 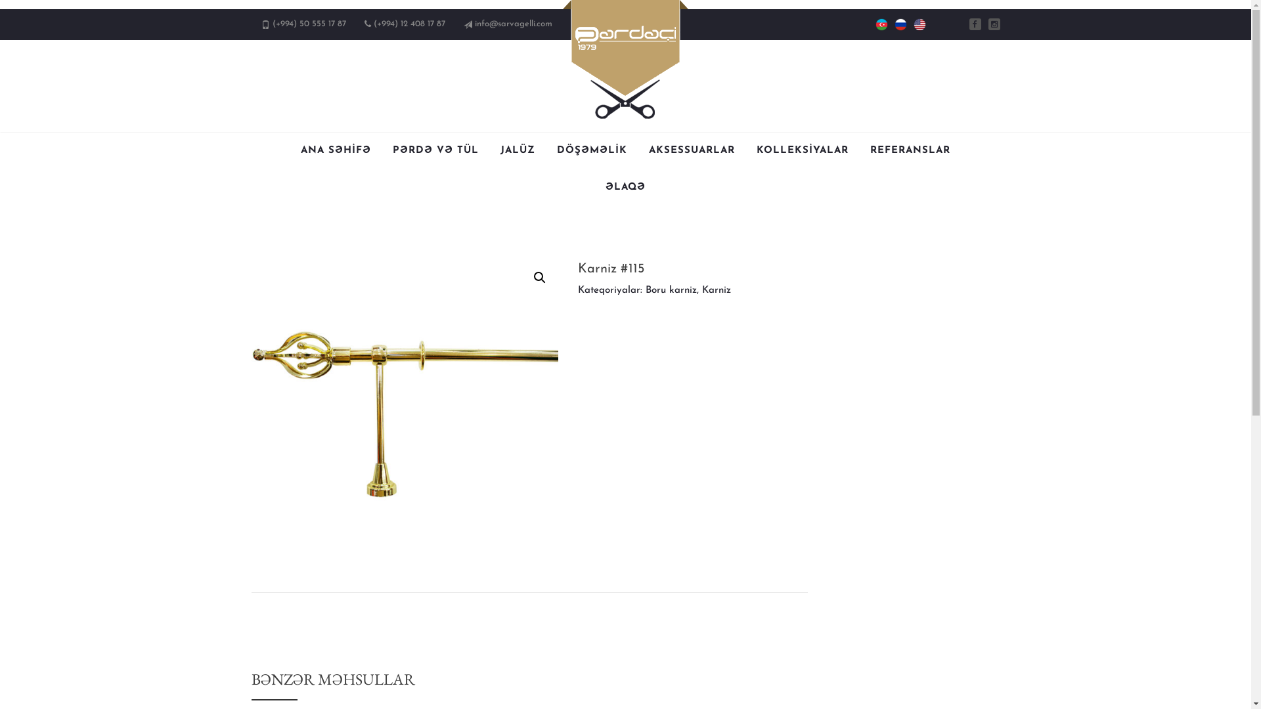 I want to click on 'KOLLEKSIYALAR', so click(x=757, y=150).